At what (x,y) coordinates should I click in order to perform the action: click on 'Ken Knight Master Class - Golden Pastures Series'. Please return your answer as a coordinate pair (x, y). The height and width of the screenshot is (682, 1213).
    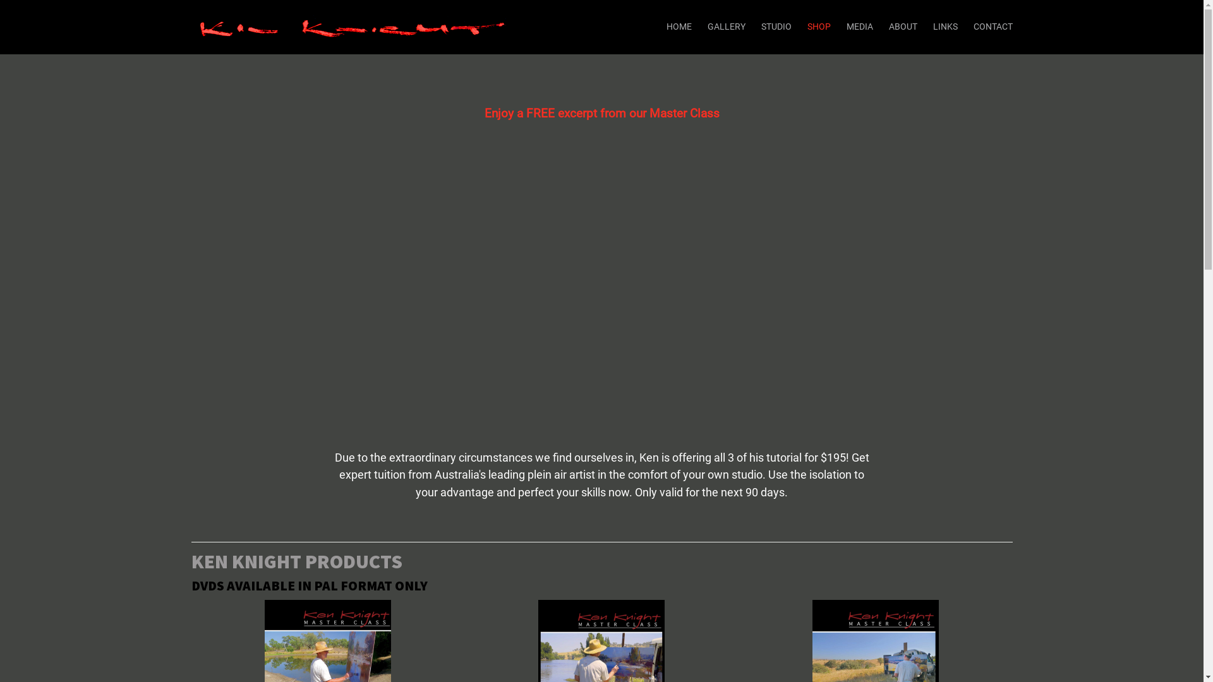
    Looking at the image, I should click on (875, 662).